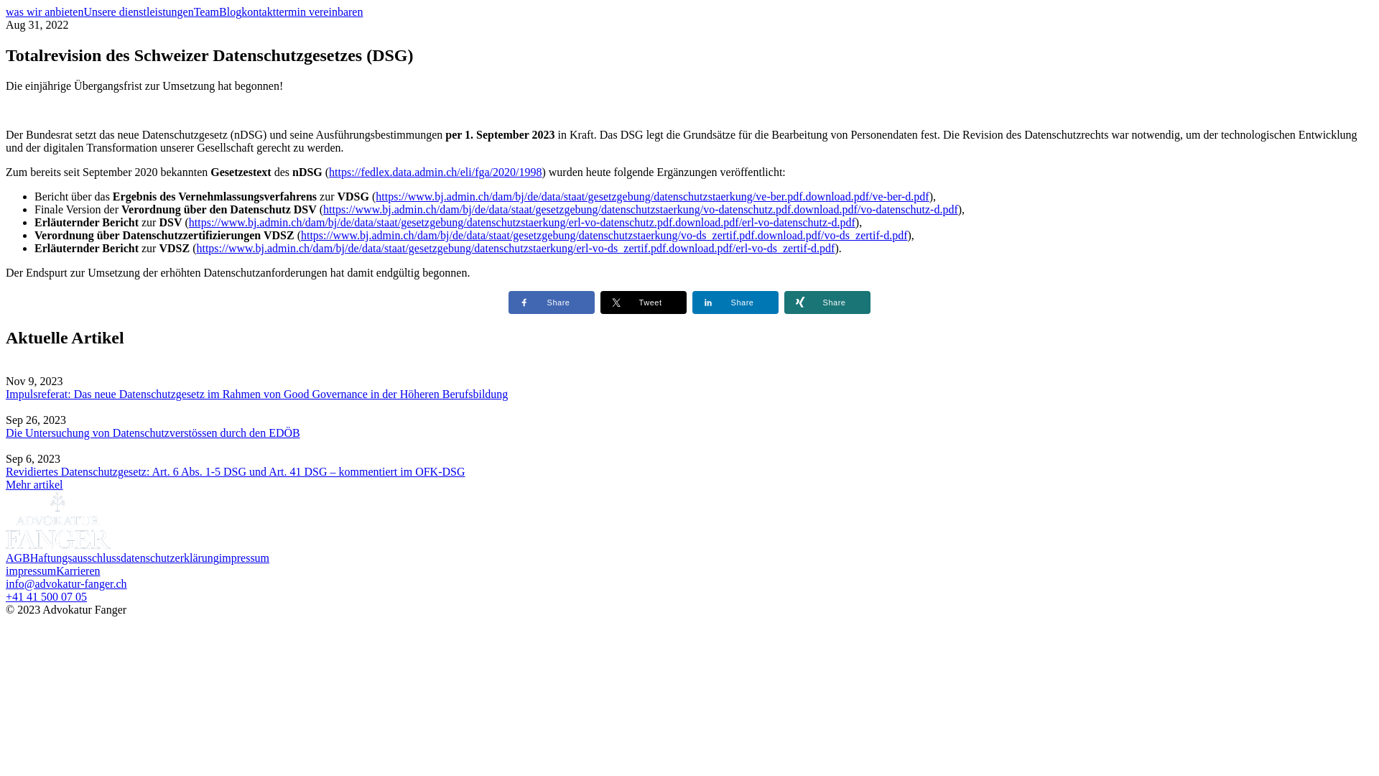 This screenshot has height=776, width=1379. I want to click on 'kontakt', so click(259, 11).